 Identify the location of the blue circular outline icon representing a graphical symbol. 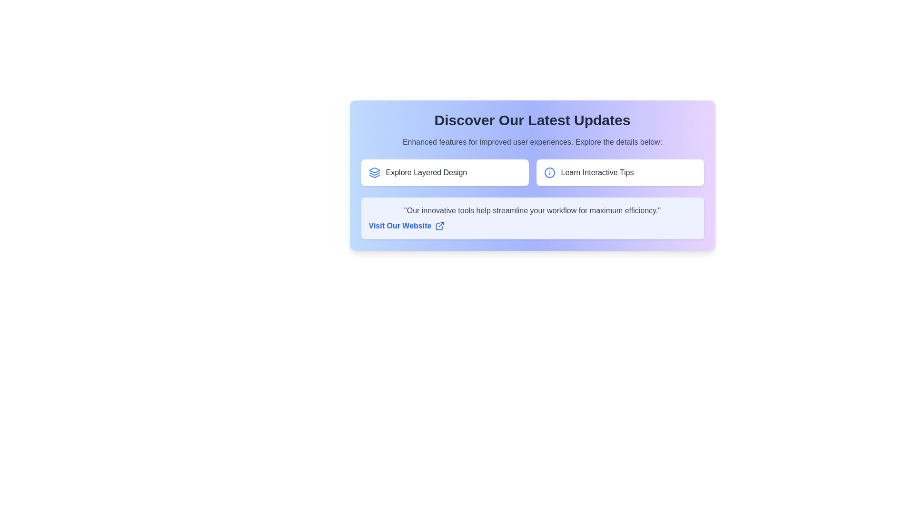
(549, 172).